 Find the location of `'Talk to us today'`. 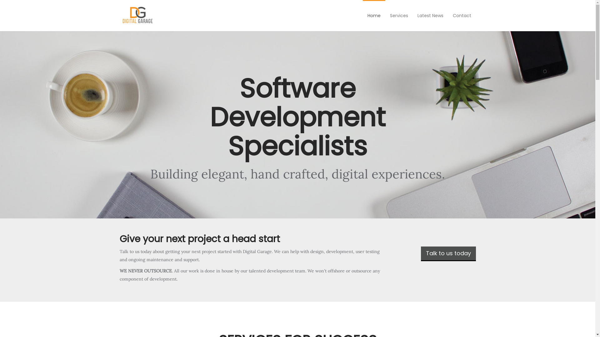

'Talk to us today' is located at coordinates (420, 254).